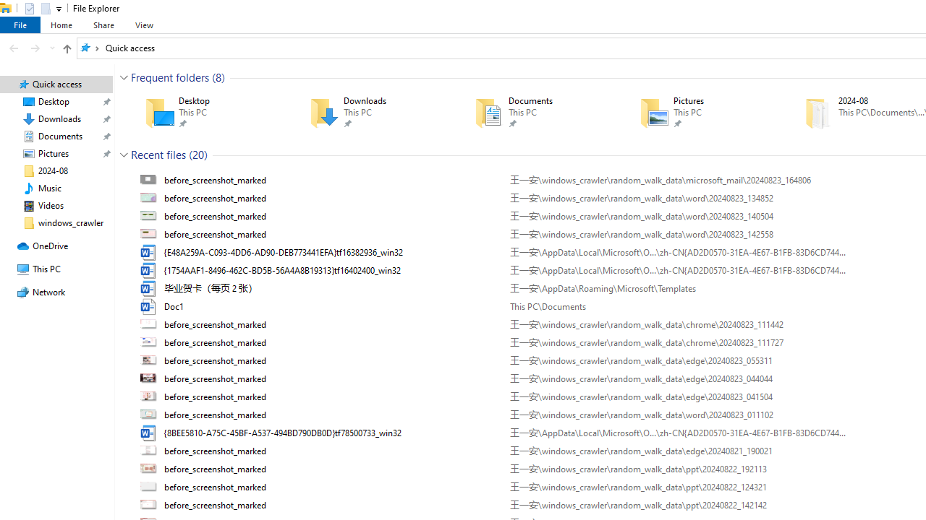 This screenshot has height=520, width=926. What do you see at coordinates (701, 112) in the screenshot?
I see `'Pictures'` at bounding box center [701, 112].